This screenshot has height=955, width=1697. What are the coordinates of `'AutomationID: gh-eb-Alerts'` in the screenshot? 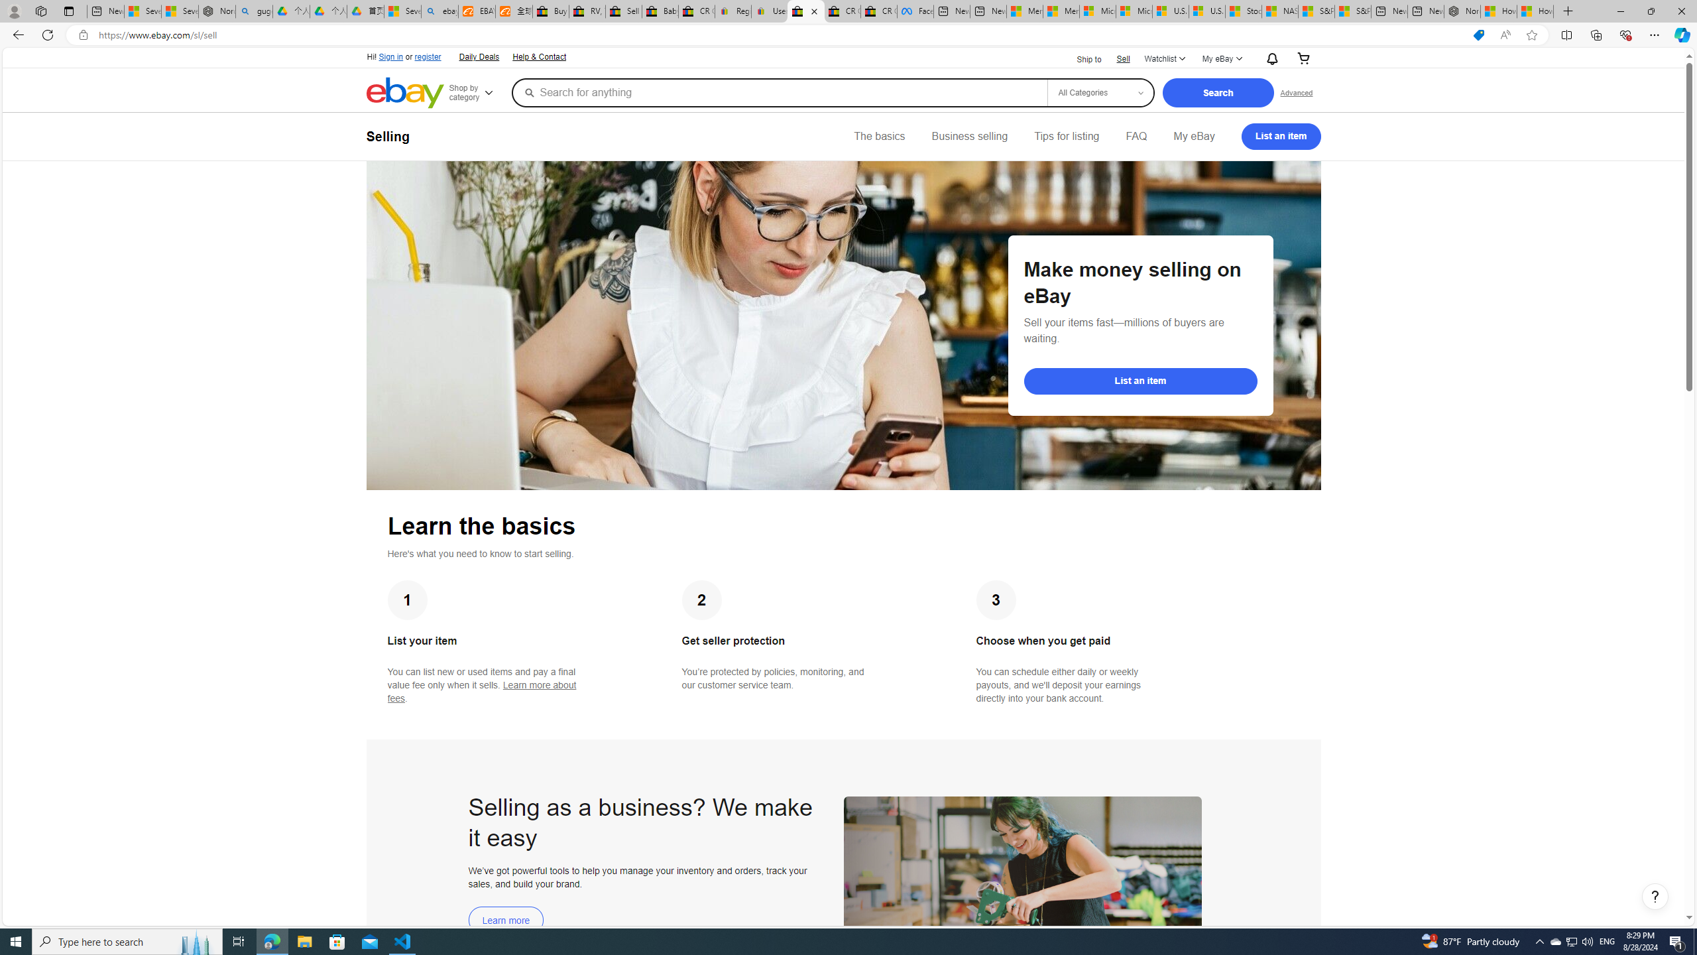 It's located at (1270, 58).